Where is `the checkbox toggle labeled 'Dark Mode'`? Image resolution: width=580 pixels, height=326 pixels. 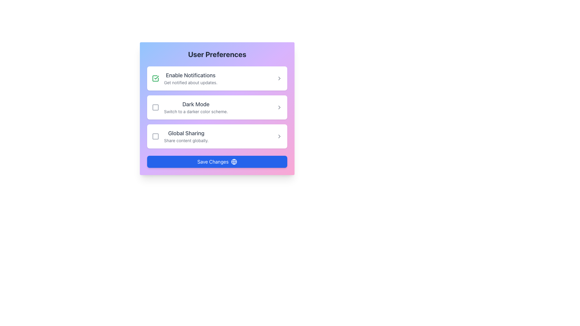
the checkbox toggle labeled 'Dark Mode' is located at coordinates (217, 107).